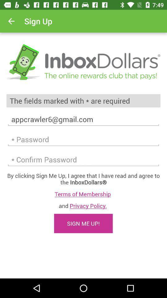 This screenshot has width=167, height=298. I want to click on appcrawler6@gmail.com item, so click(83, 119).